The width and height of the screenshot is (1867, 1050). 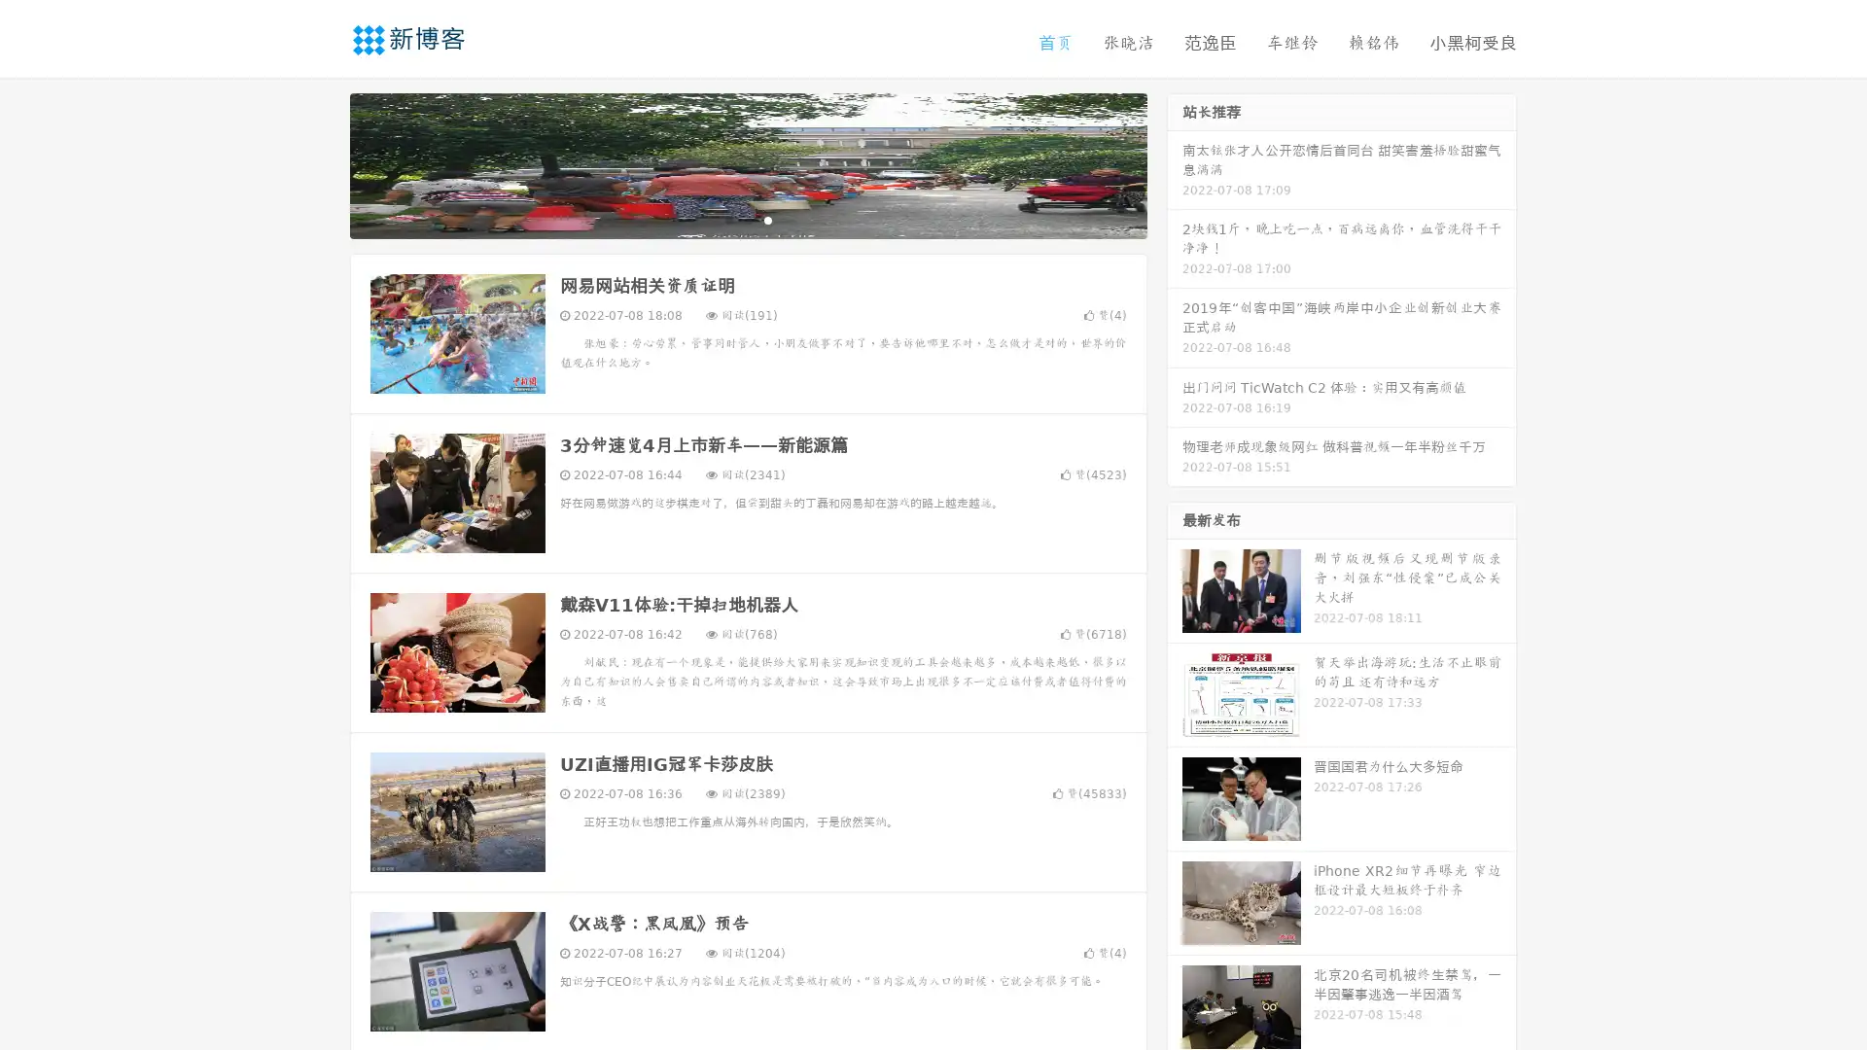 I want to click on Next slide, so click(x=1175, y=163).